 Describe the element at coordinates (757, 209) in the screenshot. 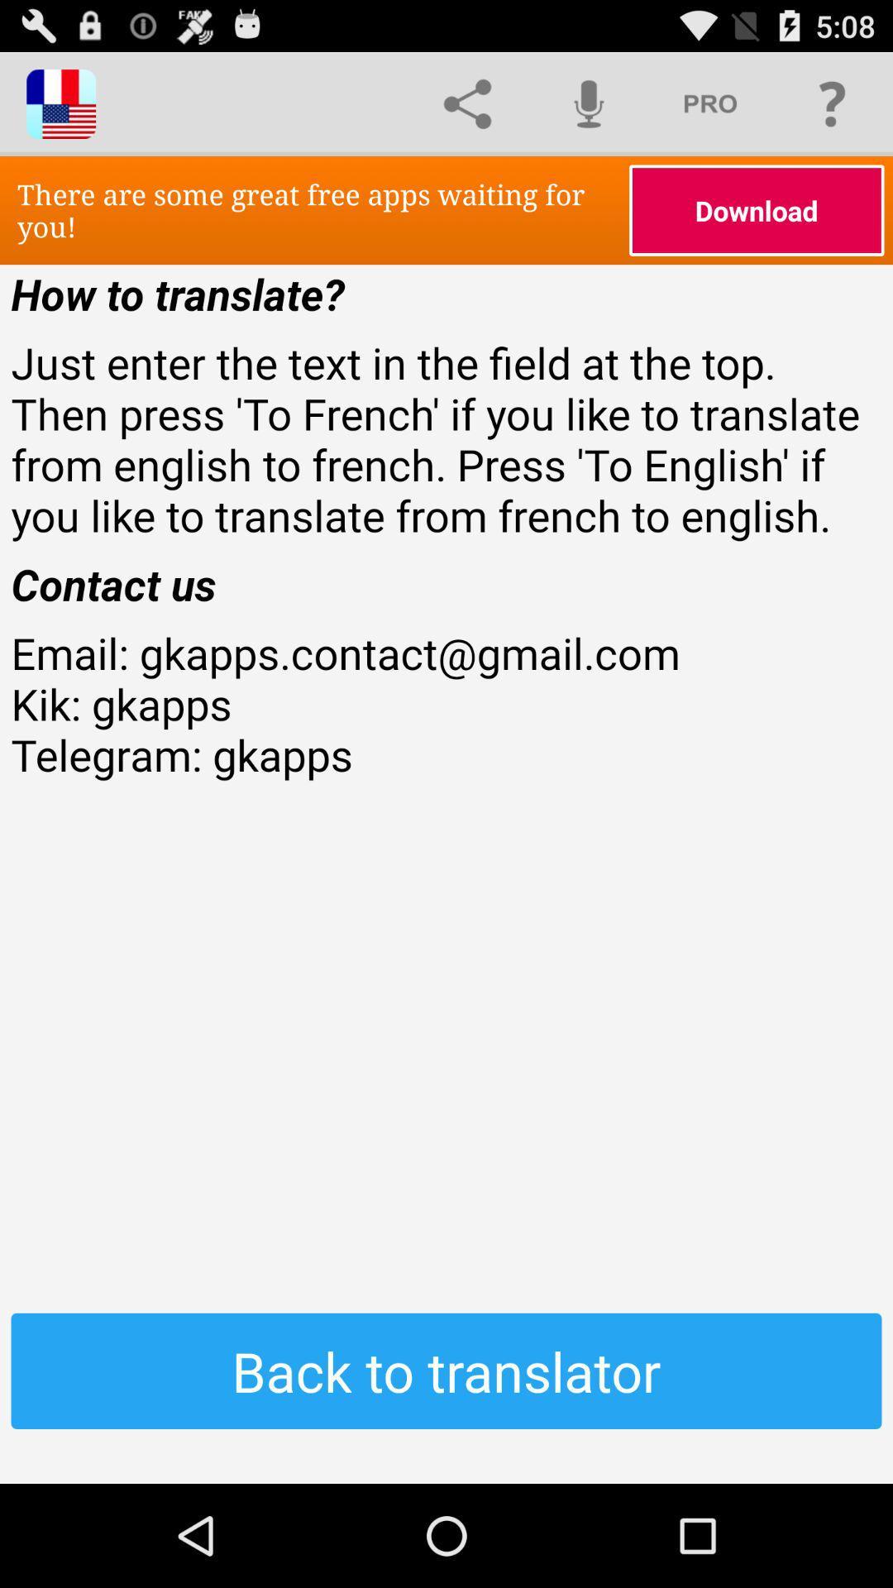

I see `icon above how to translate? icon` at that location.